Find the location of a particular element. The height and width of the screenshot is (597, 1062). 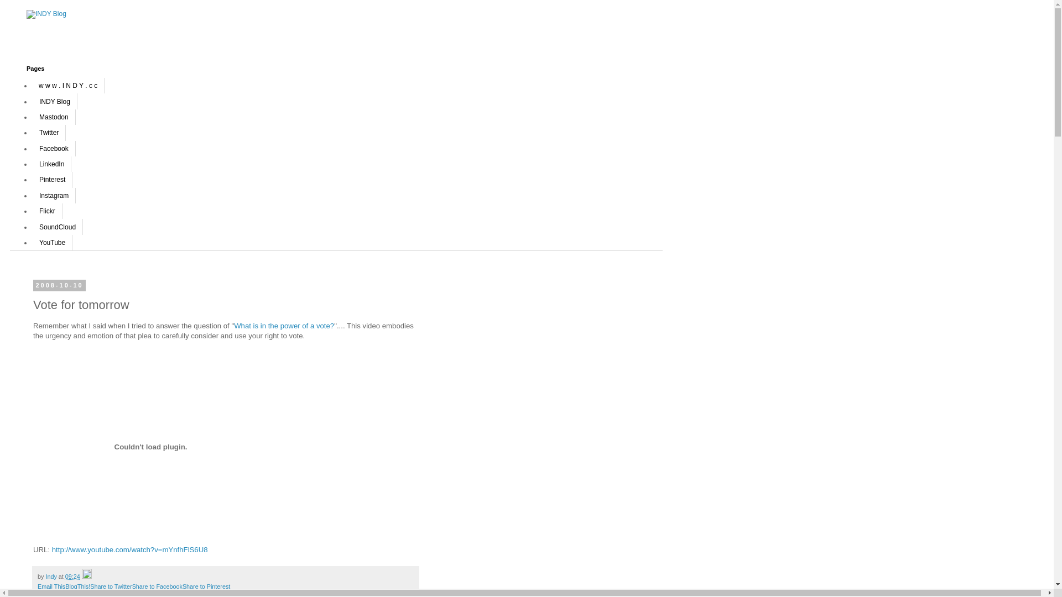

'Share to Pinterest' is located at coordinates (206, 585).